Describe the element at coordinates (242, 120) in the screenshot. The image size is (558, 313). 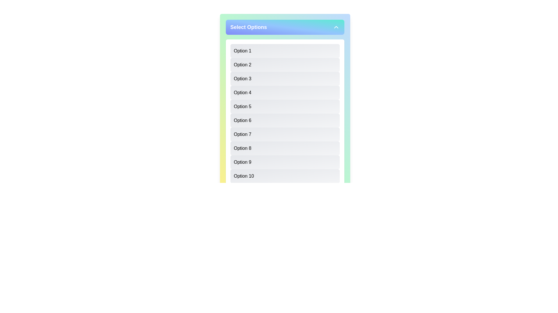
I see `the 'Option 6' list item in the selection menu` at that location.